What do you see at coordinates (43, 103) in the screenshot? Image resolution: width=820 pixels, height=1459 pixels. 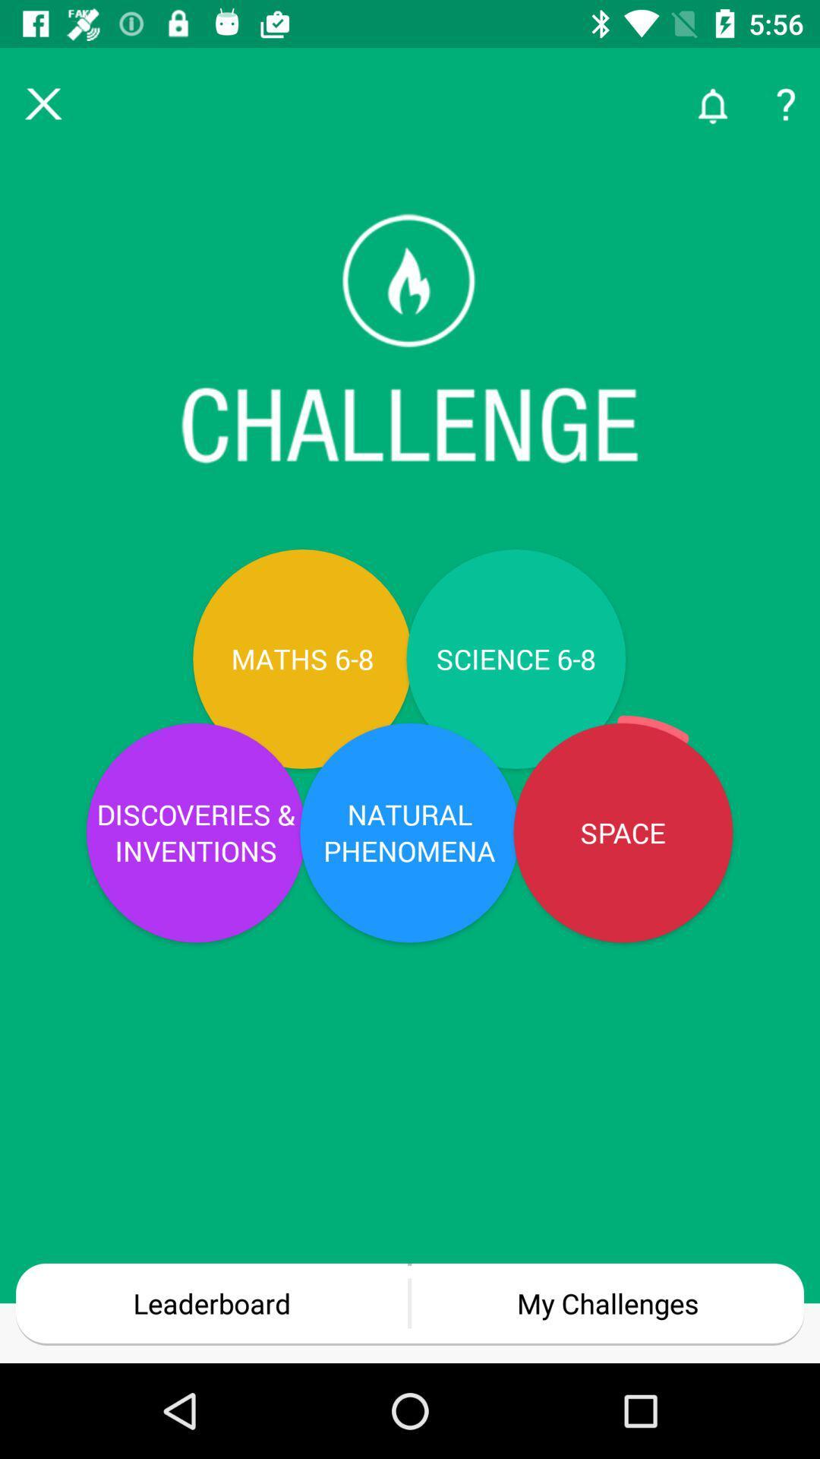 I see `the close icon` at bounding box center [43, 103].